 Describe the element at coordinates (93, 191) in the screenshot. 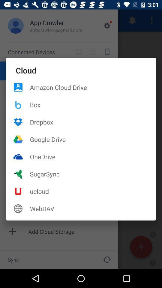

I see `the item below the sugarsync` at that location.